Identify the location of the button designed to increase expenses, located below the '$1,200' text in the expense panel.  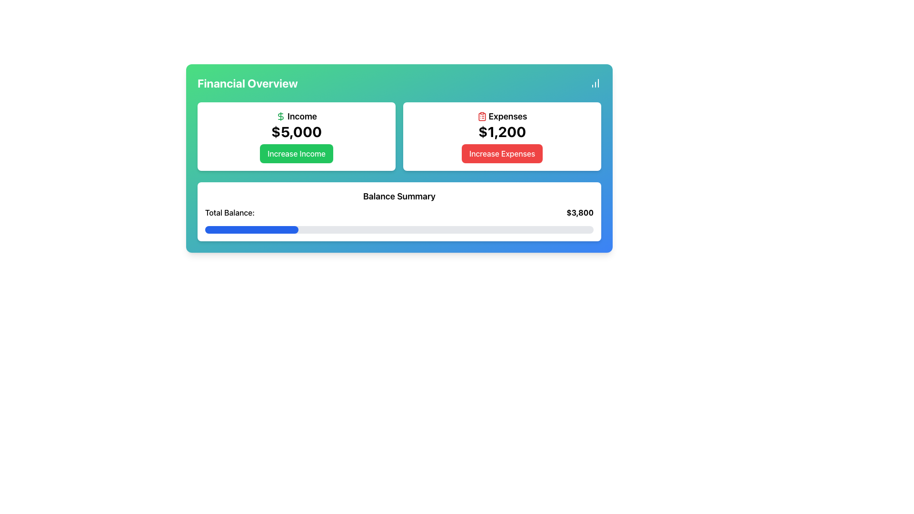
(502, 153).